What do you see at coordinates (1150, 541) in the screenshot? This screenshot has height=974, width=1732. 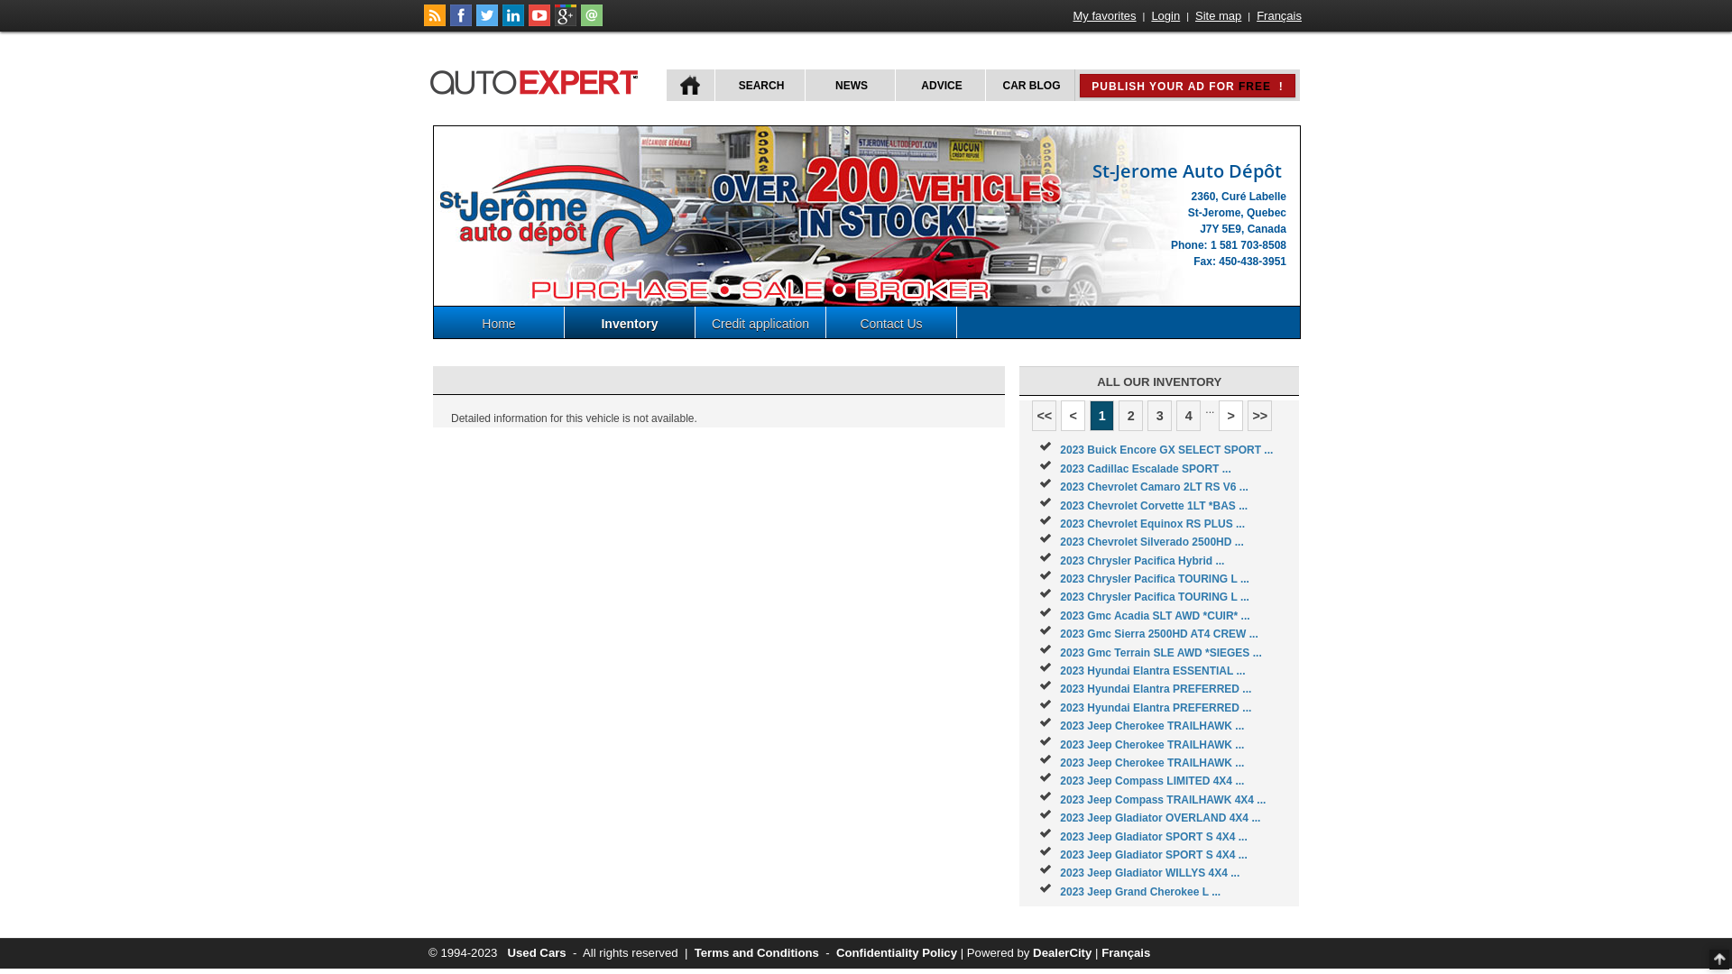 I see `'2023 Chevrolet Silverado 2500HD ...'` at bounding box center [1150, 541].